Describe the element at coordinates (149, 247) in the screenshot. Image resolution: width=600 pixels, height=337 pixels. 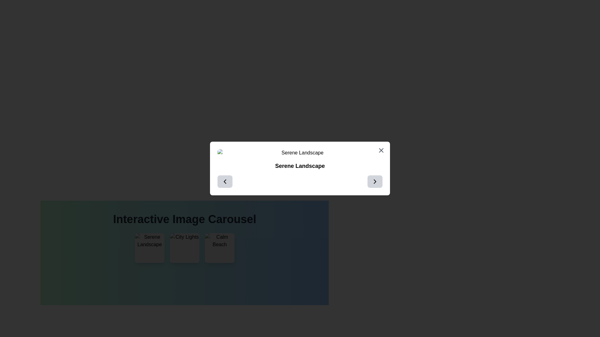
I see `the first clickable image thumbnail in the carousel` at that location.